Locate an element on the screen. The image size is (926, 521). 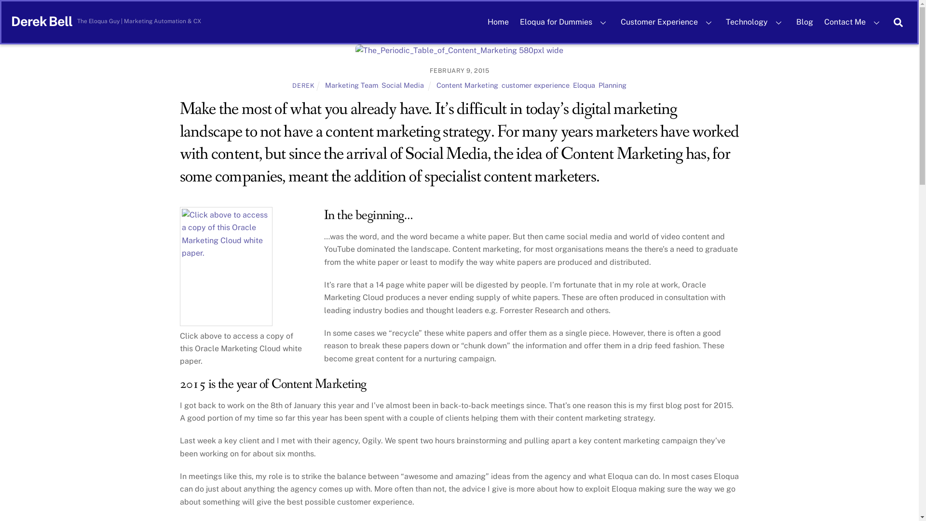
'Planning' is located at coordinates (612, 84).